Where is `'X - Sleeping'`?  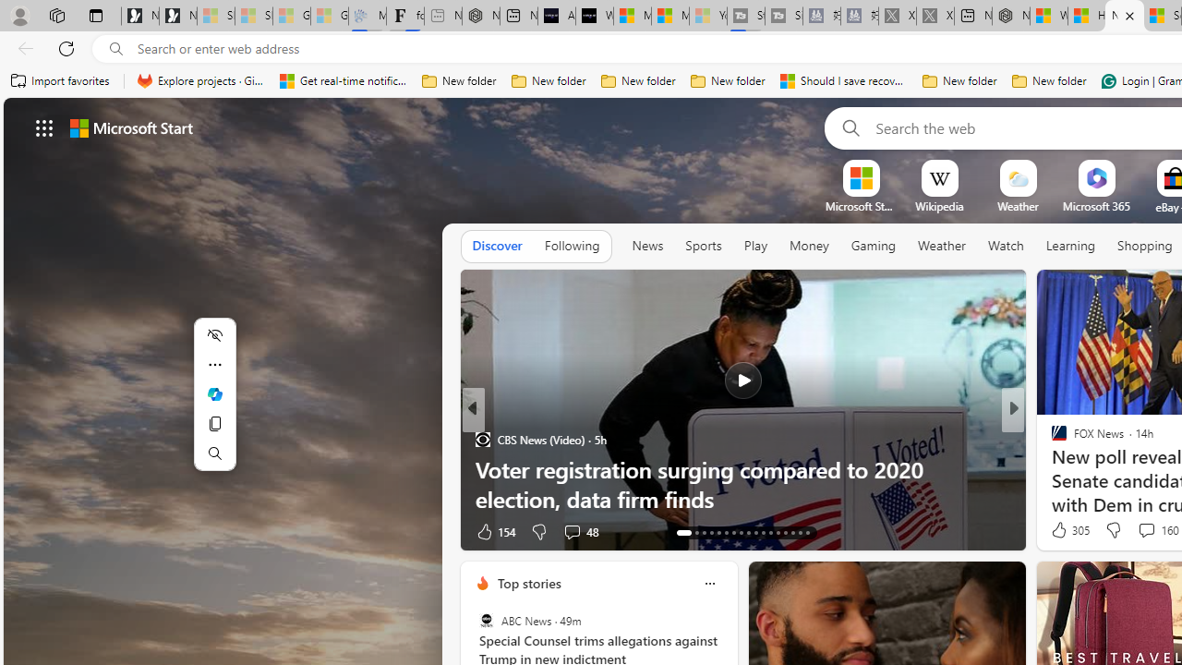
'X - Sleeping' is located at coordinates (935, 16).